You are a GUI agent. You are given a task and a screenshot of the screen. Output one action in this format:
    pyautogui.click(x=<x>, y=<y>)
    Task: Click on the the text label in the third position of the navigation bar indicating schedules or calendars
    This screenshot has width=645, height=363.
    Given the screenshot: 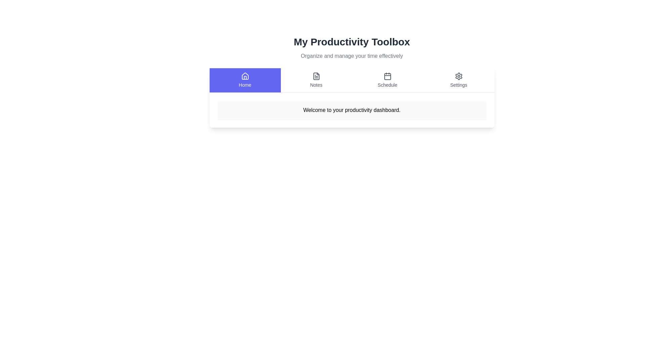 What is the action you would take?
    pyautogui.click(x=387, y=85)
    